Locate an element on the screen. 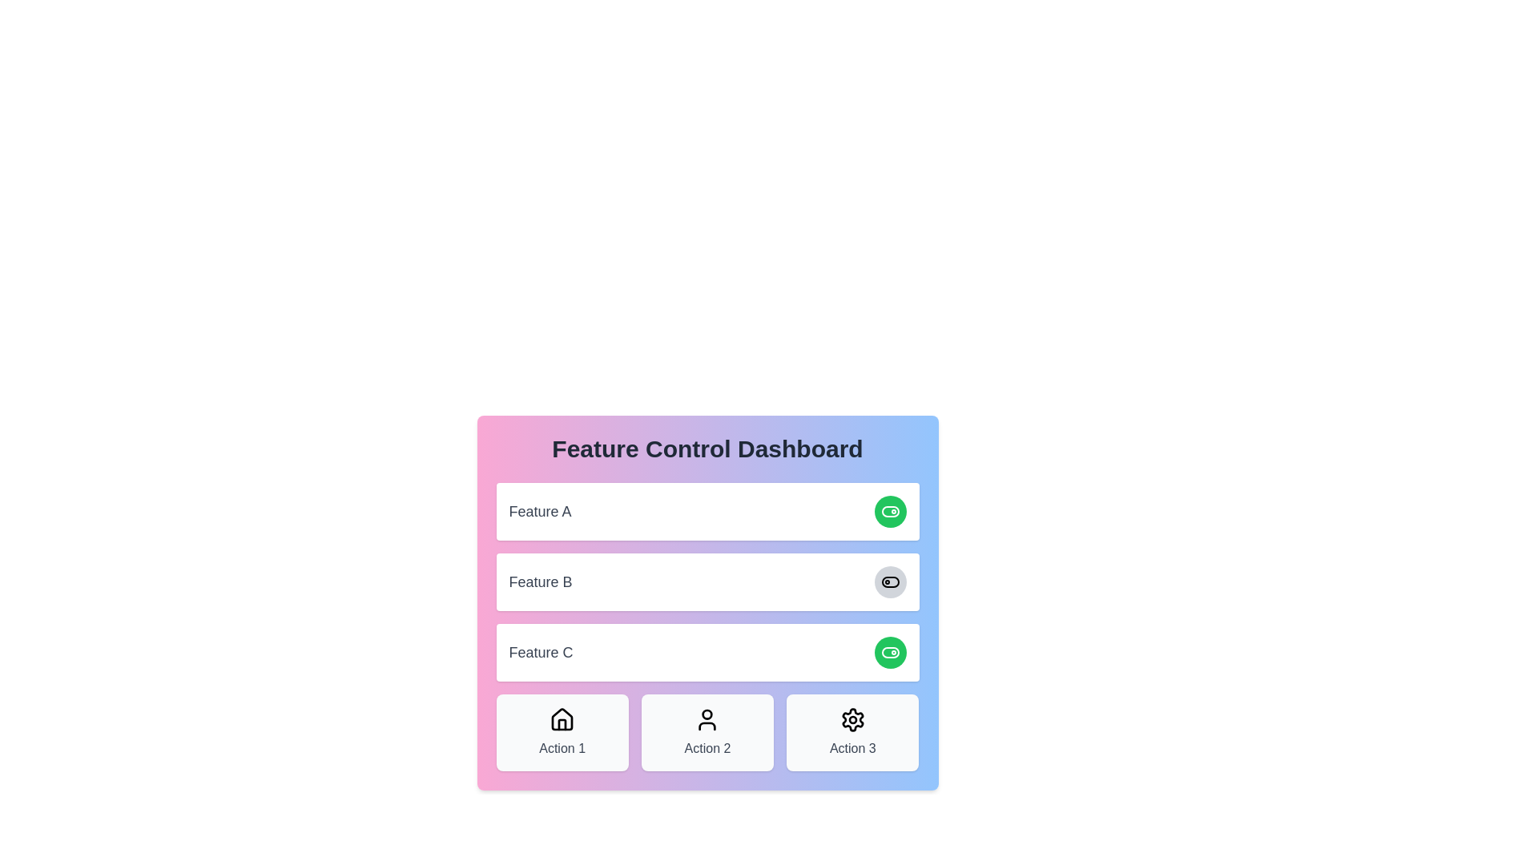 Image resolution: width=1538 pixels, height=865 pixels. the central panel with a gradient background that contains sections labeled 'Feature A', 'Feature B', and 'Feature C', along with actions 'Action 1', 'Action 2', and 'Action 3', located below the title 'Feature Control Dashboard' is located at coordinates (707, 602).